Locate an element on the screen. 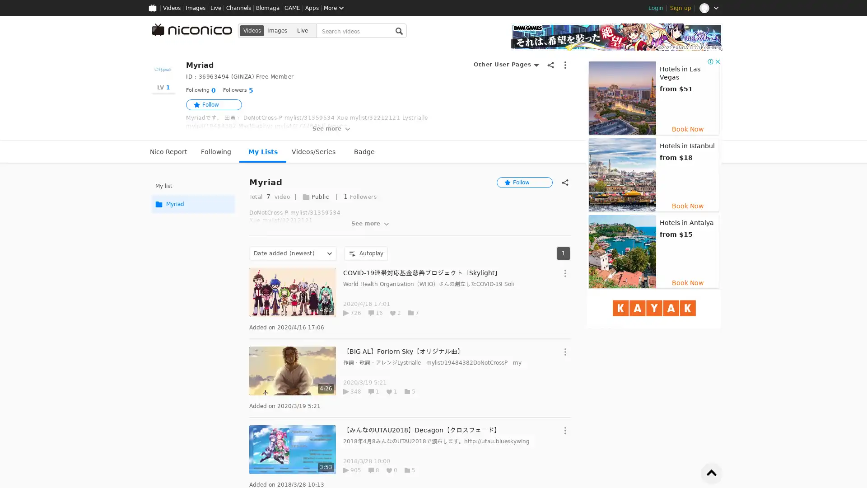  See more is located at coordinates (331, 129).